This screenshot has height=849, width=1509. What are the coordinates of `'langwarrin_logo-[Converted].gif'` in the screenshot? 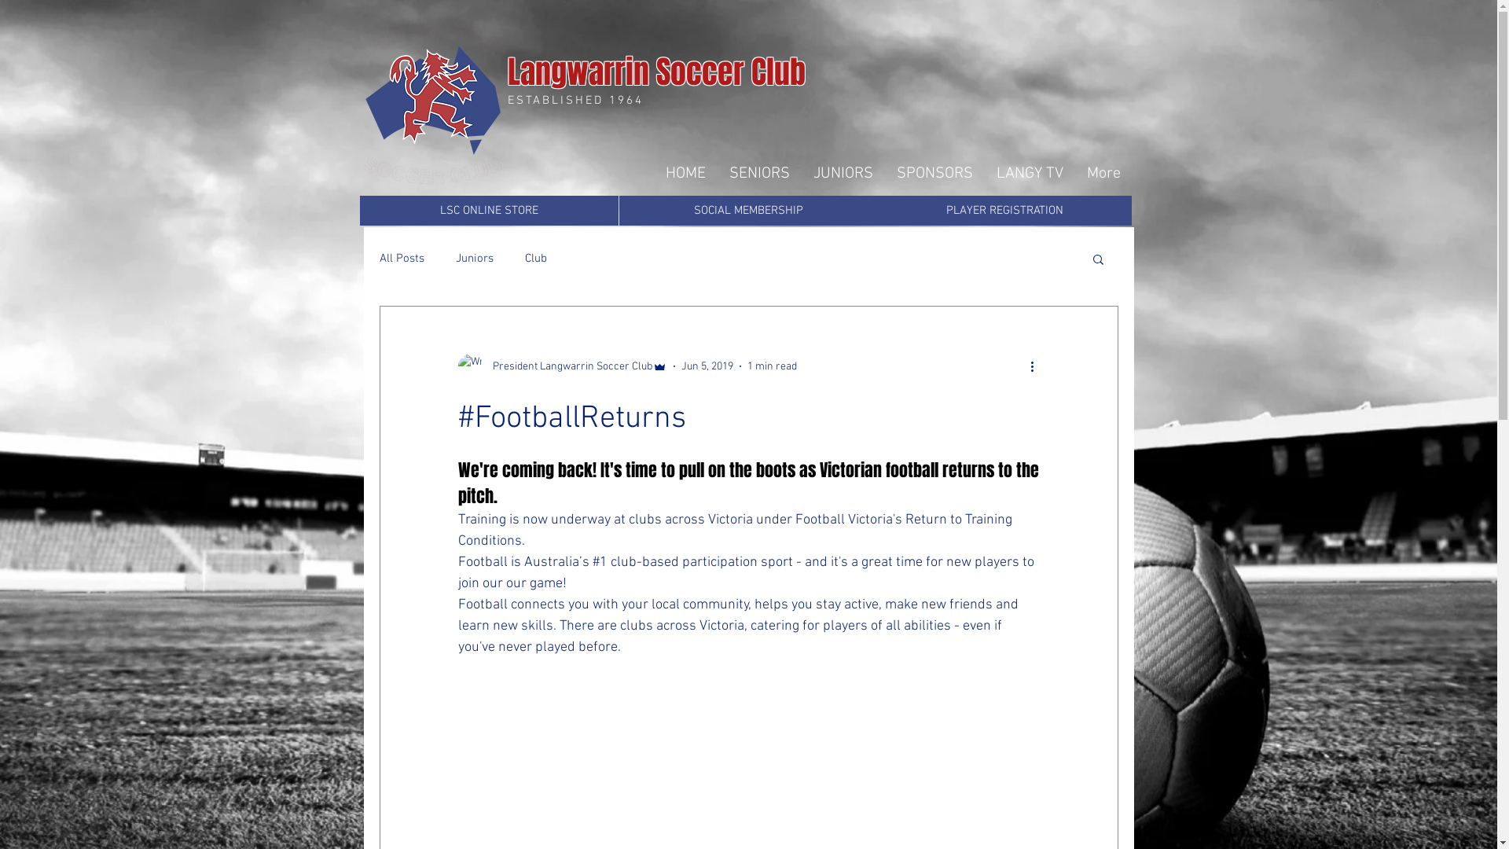 It's located at (432, 101).